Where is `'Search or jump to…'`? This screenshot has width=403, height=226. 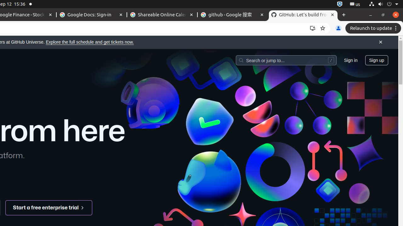 'Search or jump to…' is located at coordinates (286, 60).